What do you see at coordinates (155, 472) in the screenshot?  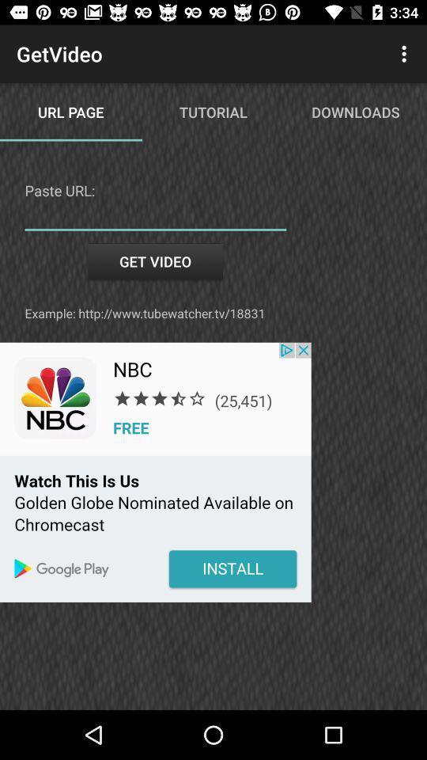 I see `app advertisement` at bounding box center [155, 472].